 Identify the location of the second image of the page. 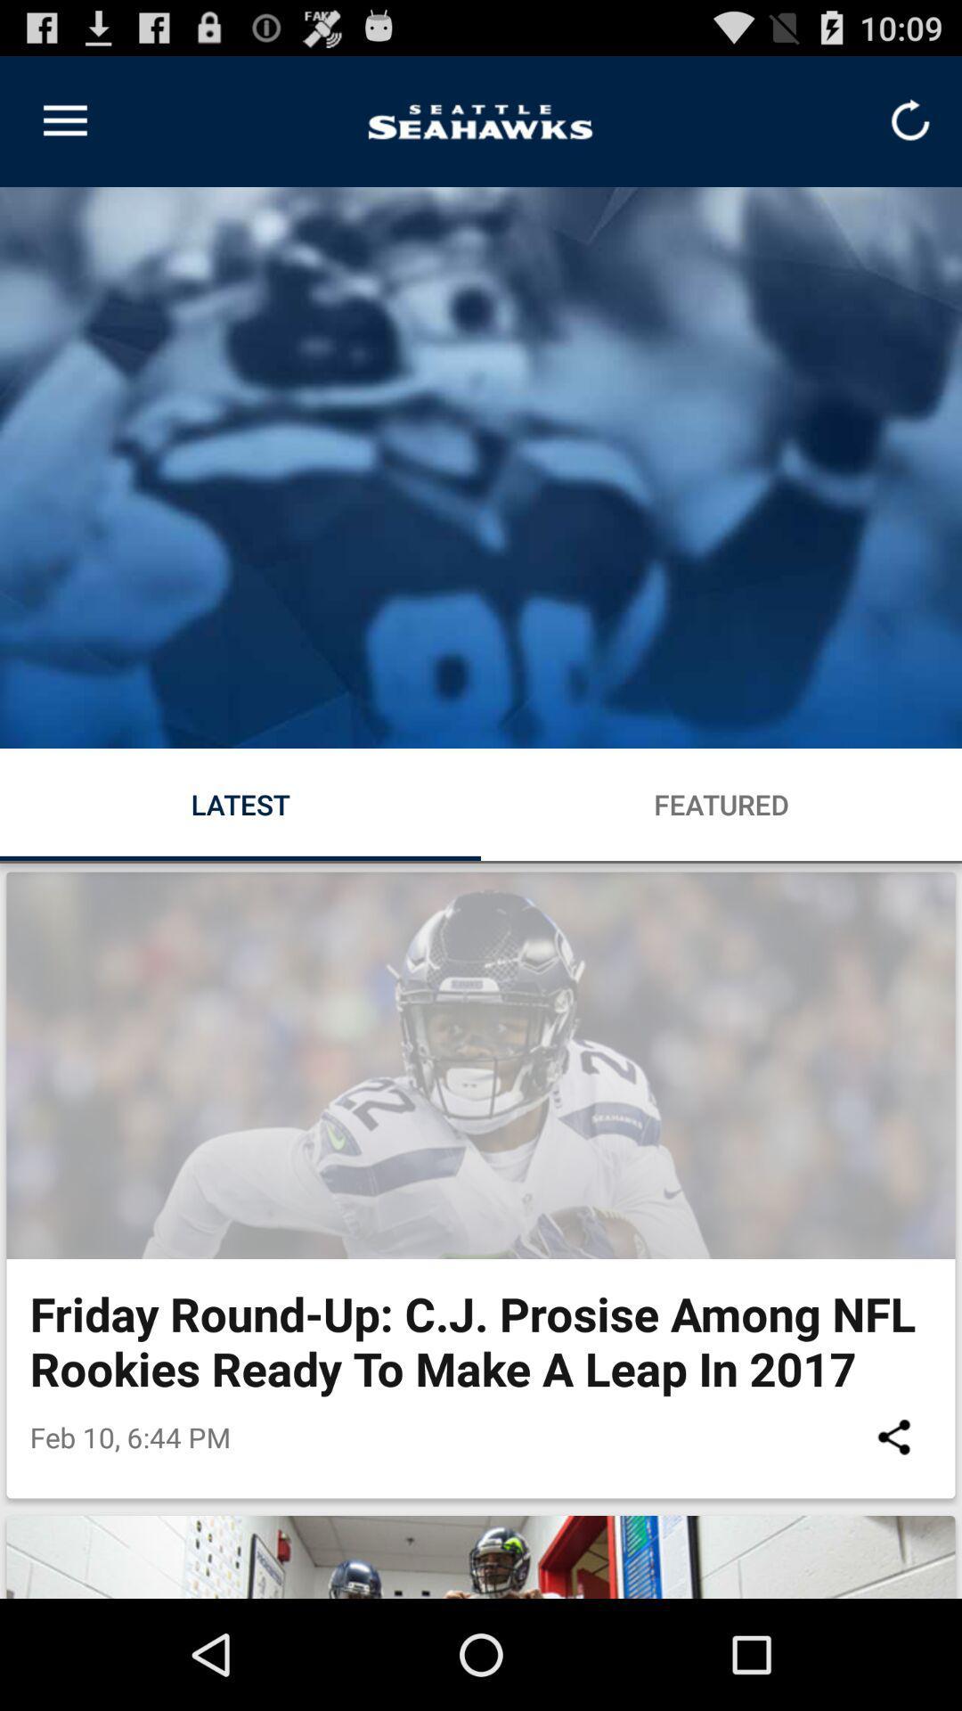
(481, 1065).